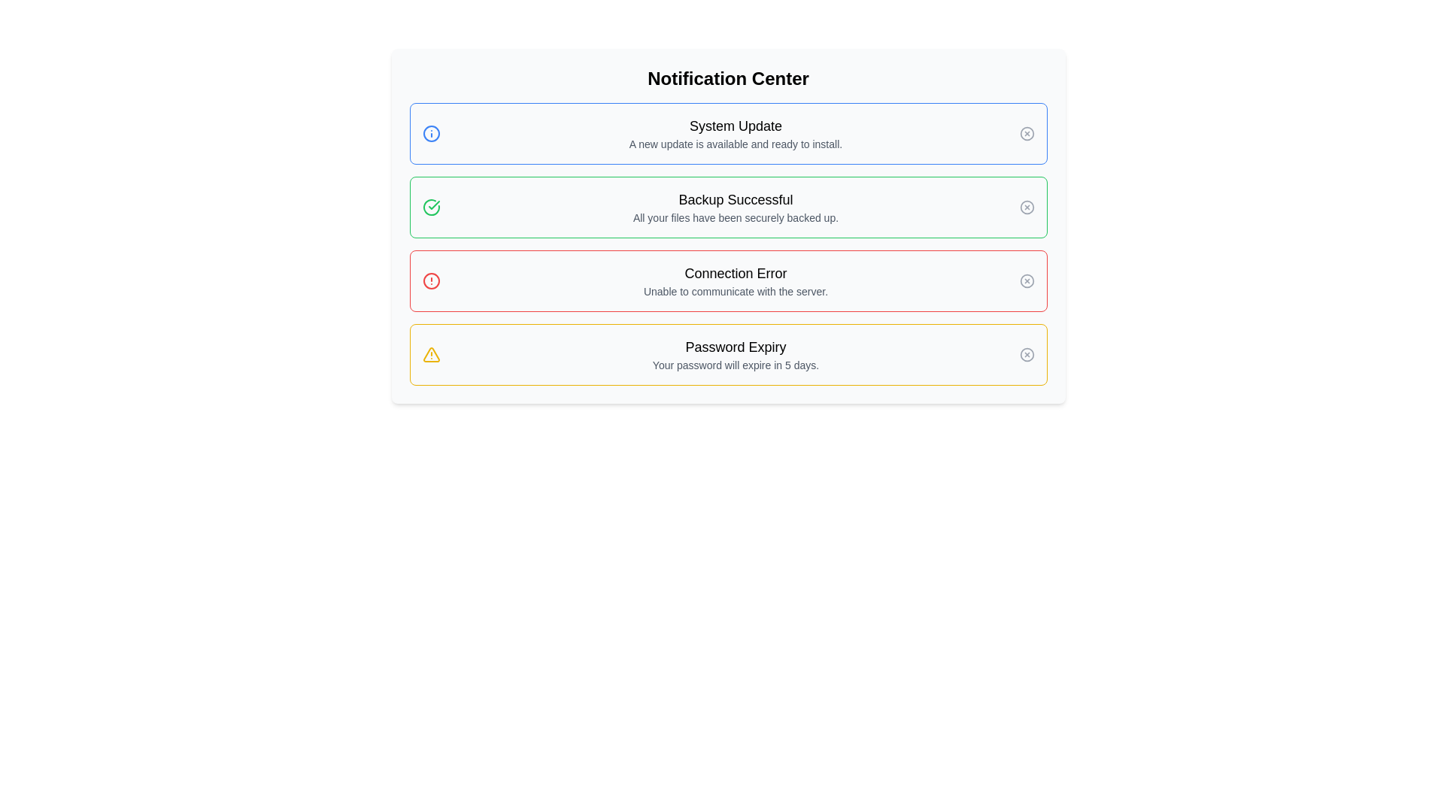  I want to click on the details of the circular blue information icon with an inner 'i' symbol located in the upper-left portion of the 'System Update' notification card, so click(430, 132).